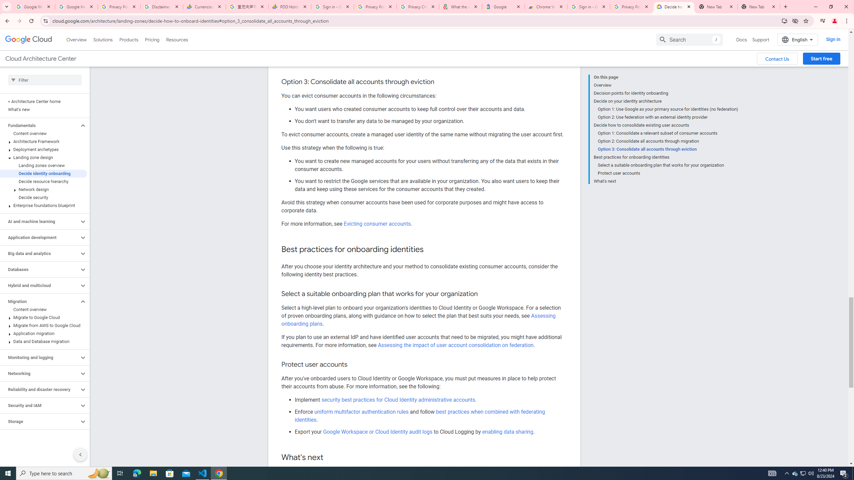 This screenshot has height=480, width=854. What do you see at coordinates (668, 149) in the screenshot?
I see `'Option 3: Consolidate all accounts through eviction'` at bounding box center [668, 149].